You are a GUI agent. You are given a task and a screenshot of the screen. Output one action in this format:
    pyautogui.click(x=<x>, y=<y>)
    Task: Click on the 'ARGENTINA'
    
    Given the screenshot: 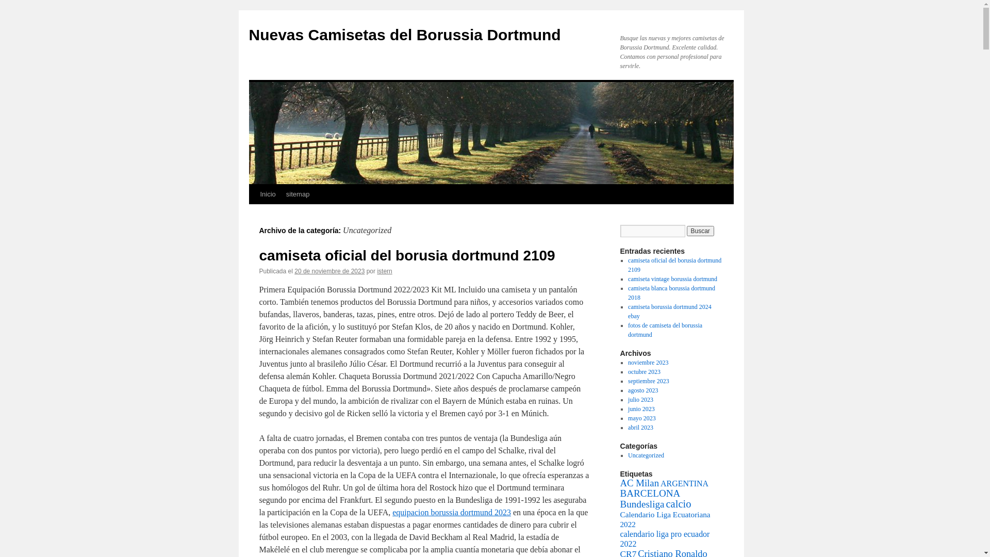 What is the action you would take?
    pyautogui.click(x=684, y=483)
    